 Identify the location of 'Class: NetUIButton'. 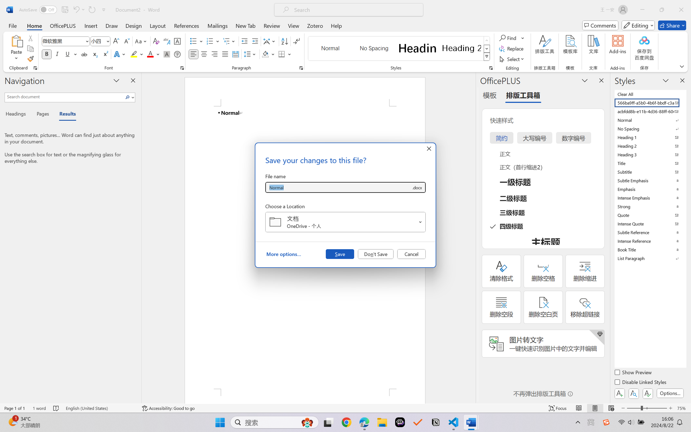
(648, 393).